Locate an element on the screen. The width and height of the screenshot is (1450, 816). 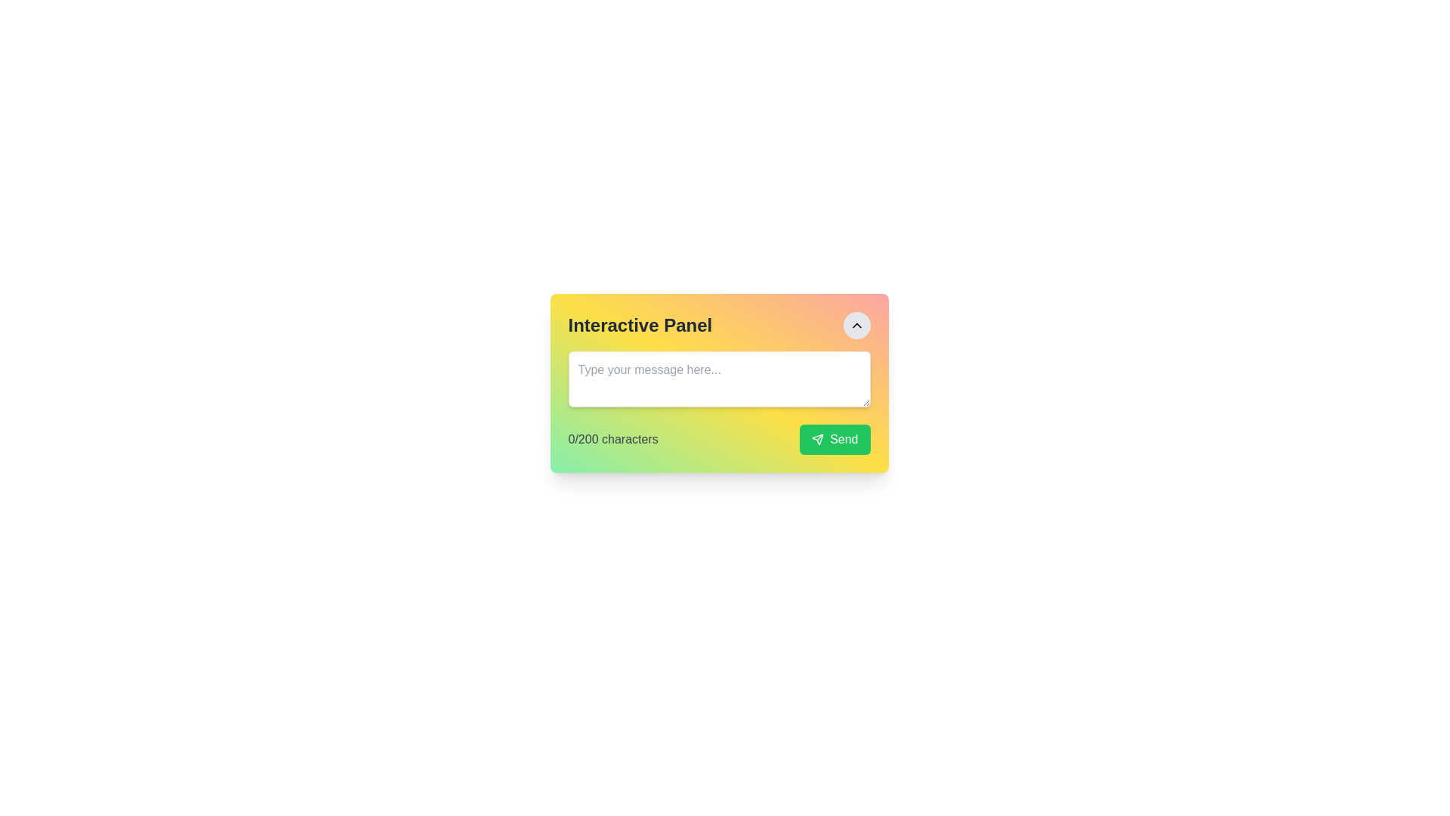
the button located at the bottom-right corner of the panel is located at coordinates (834, 440).